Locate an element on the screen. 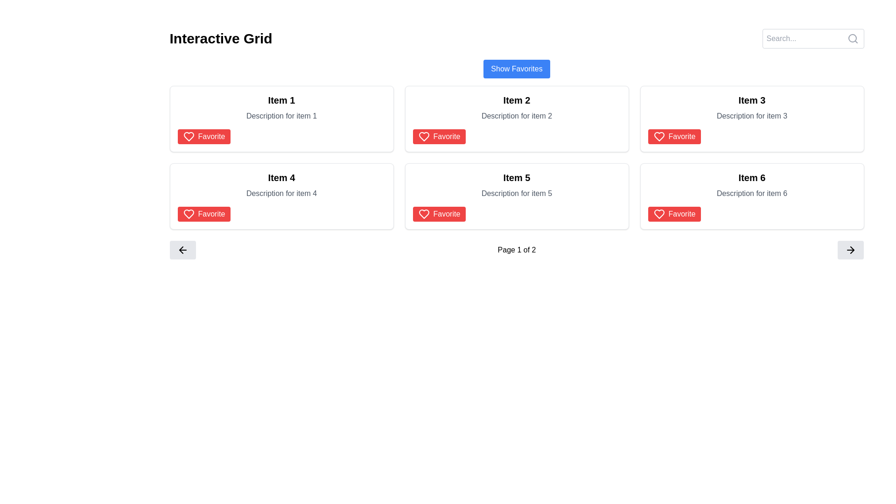  the Favorite button containing the heart icon, which is part of the card labeled 'Item 6' located in the bottom-right corner of the grid layout is located at coordinates (658, 214).